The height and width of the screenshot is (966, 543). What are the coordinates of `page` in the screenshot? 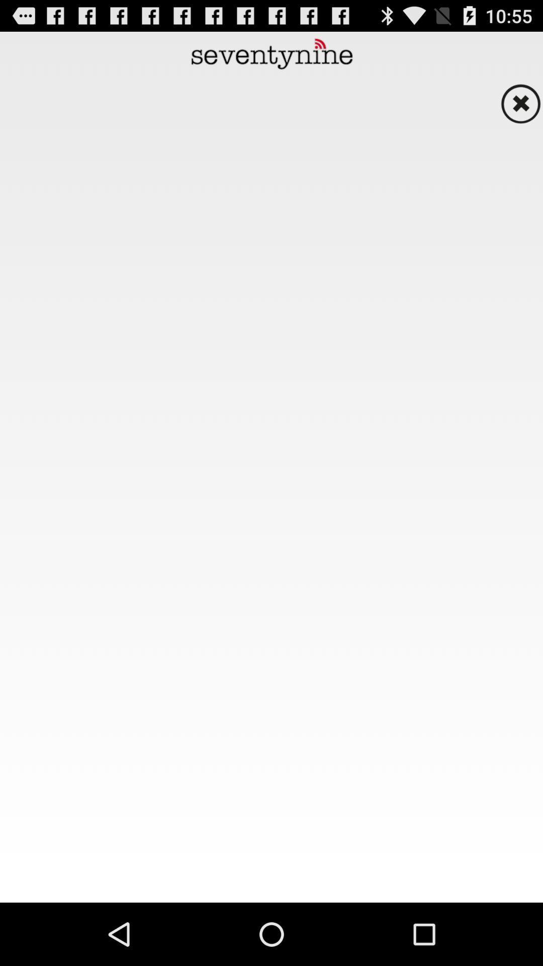 It's located at (520, 104).